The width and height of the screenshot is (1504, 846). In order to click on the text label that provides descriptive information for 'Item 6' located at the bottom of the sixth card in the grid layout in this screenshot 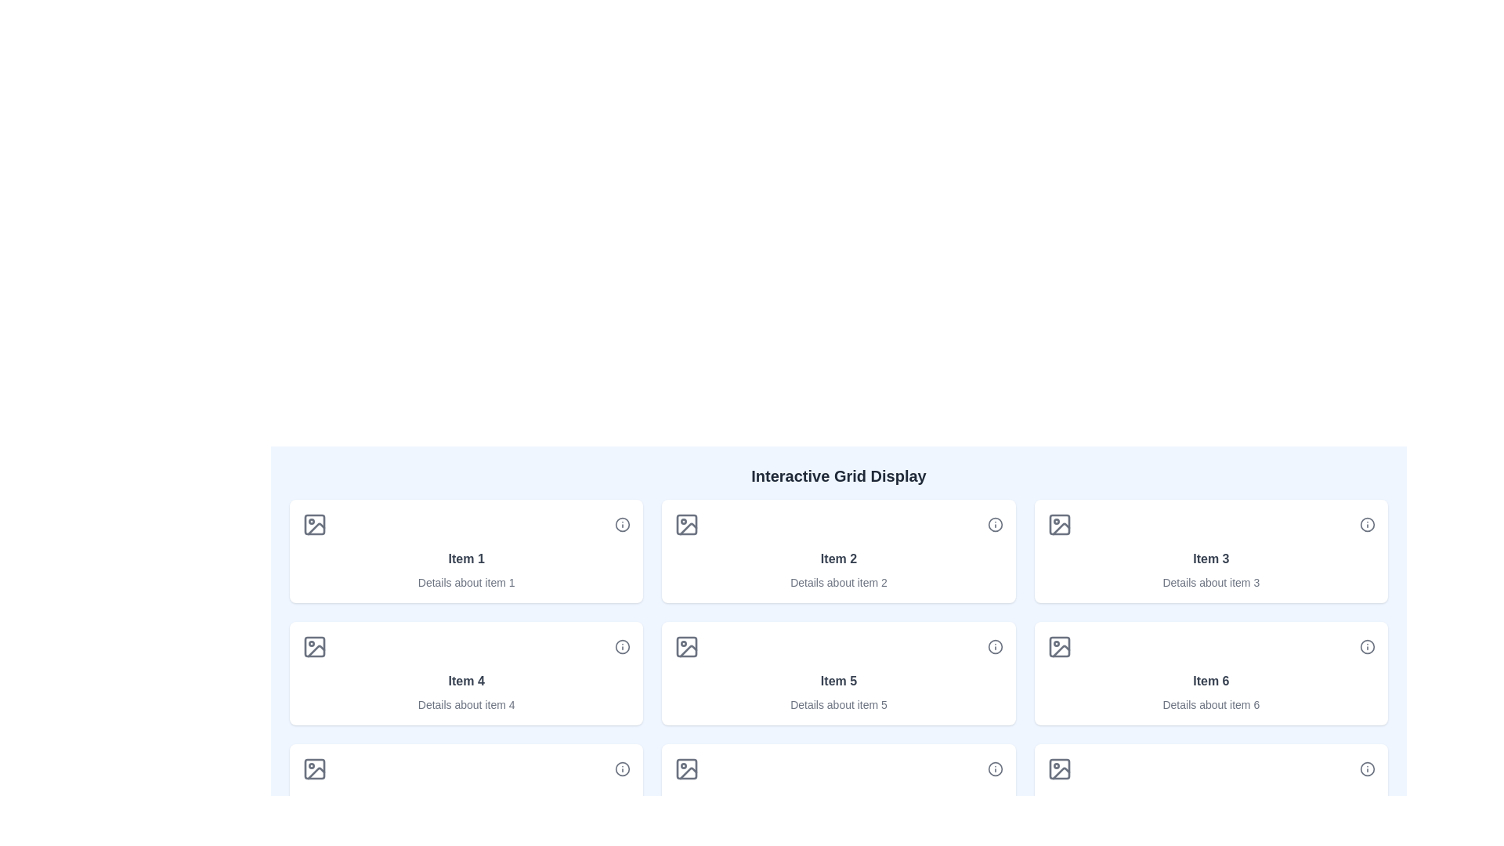, I will do `click(1210, 703)`.